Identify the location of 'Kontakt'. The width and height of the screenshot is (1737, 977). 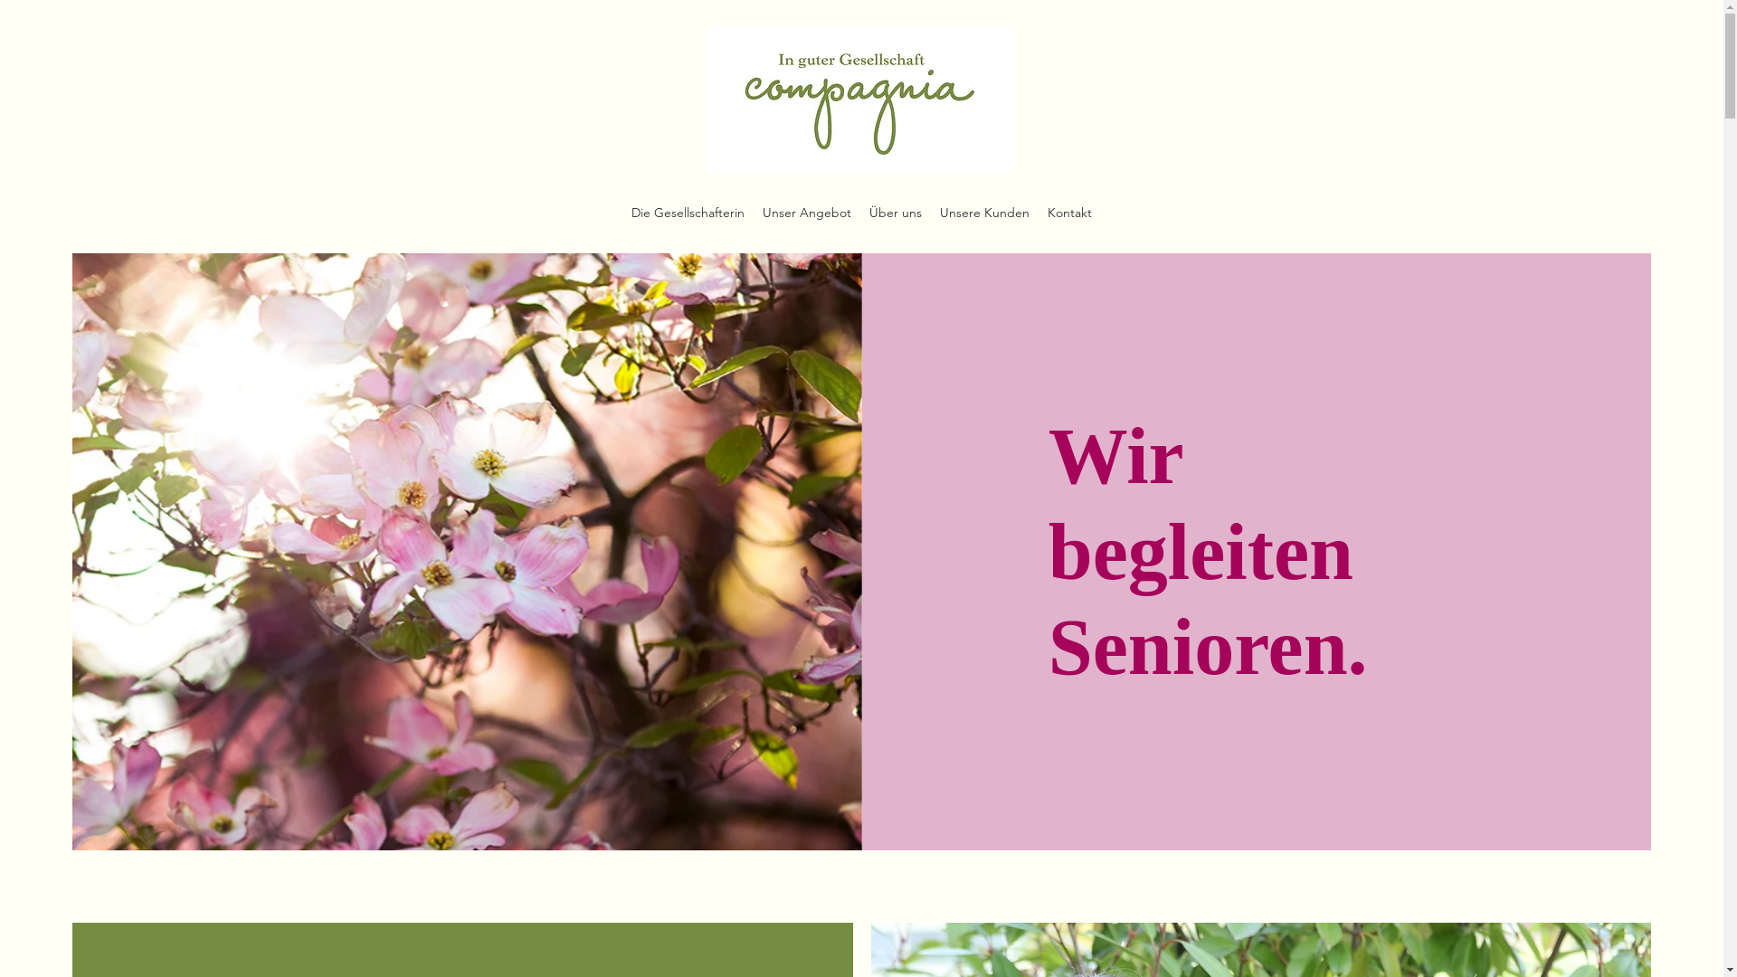
(1069, 212).